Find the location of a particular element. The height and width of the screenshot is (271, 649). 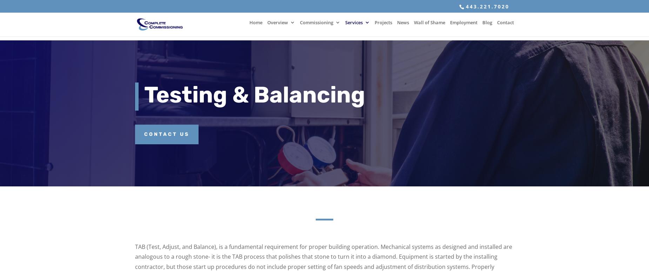

'News' is located at coordinates (403, 26).